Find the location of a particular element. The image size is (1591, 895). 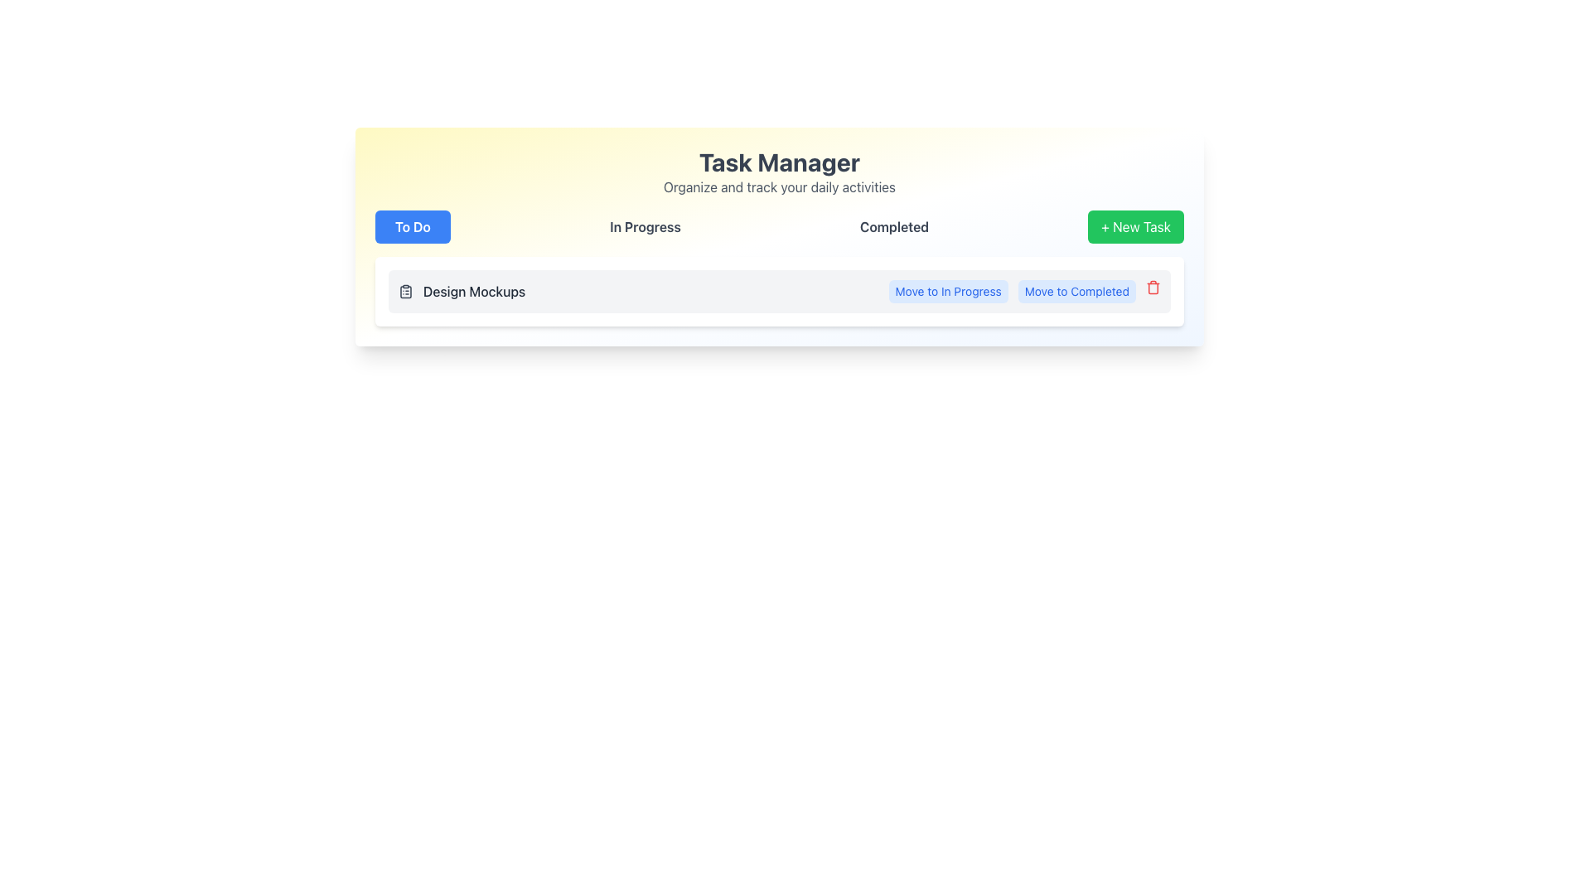

heading text 'Task Manager' which is prominently displayed in bold and large font at the upper portion of the interface is located at coordinates (778, 162).